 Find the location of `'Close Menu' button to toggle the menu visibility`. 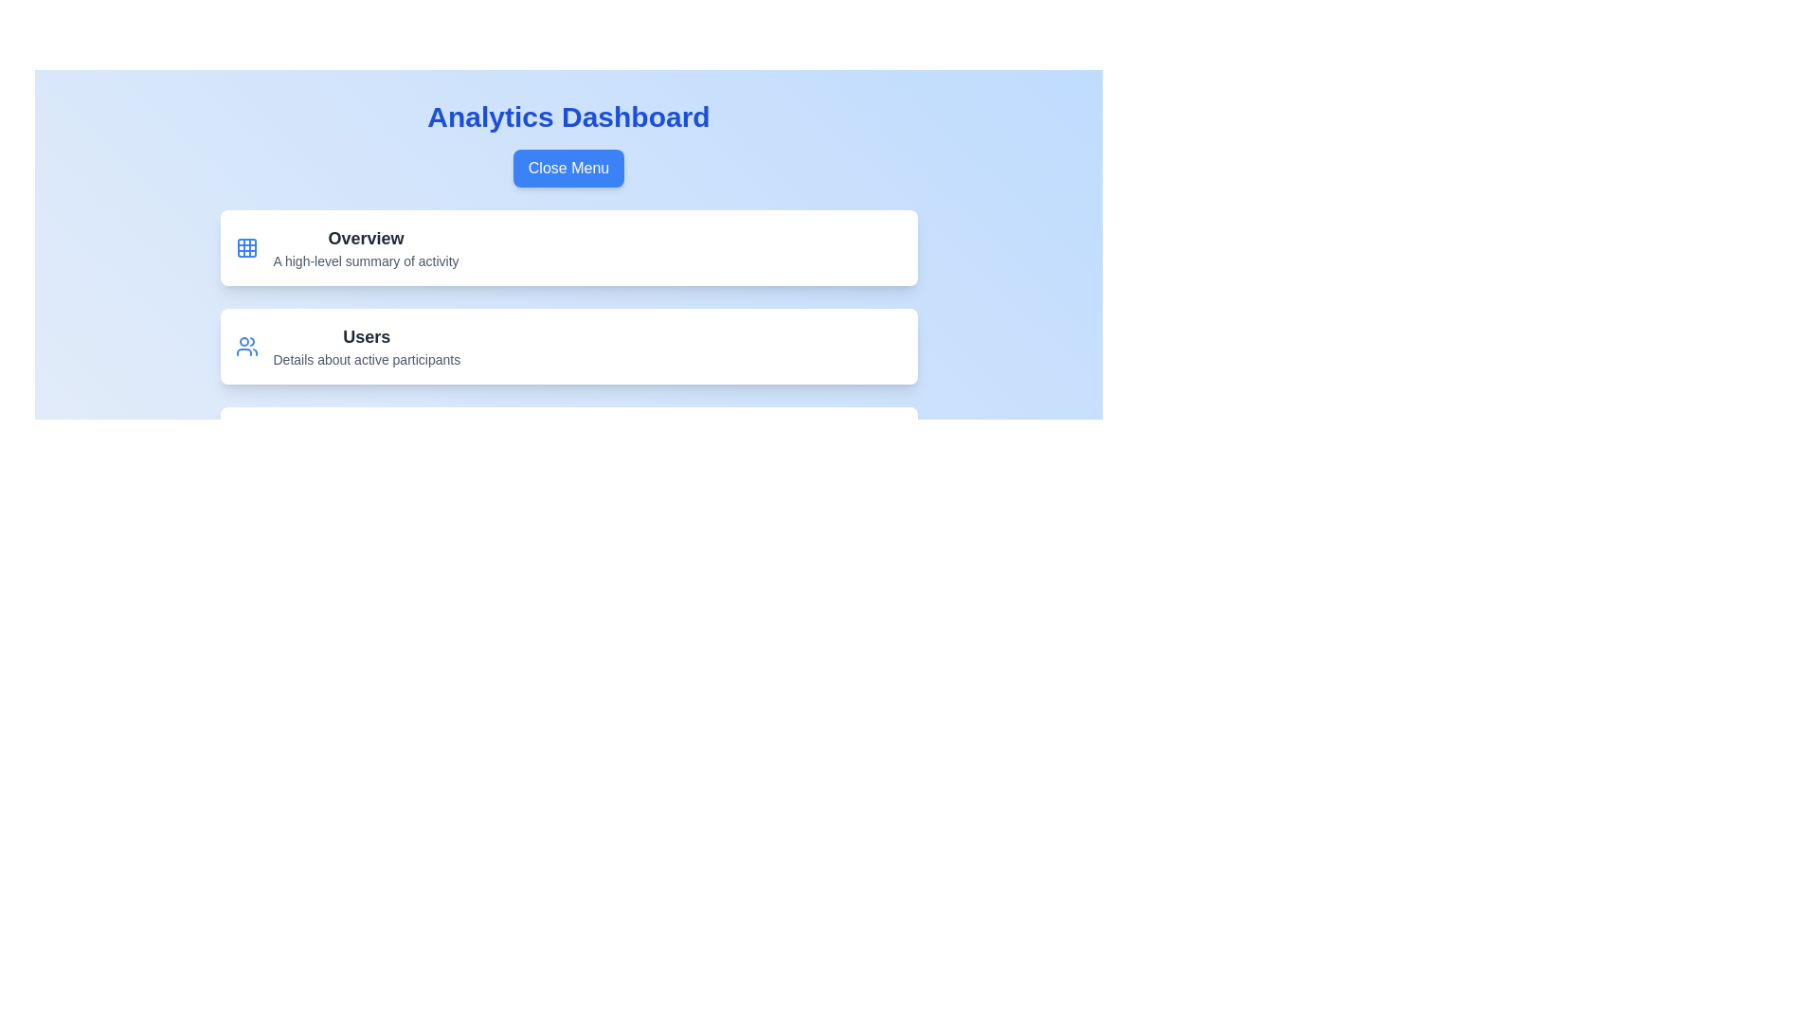

'Close Menu' button to toggle the menu visibility is located at coordinates (567, 167).